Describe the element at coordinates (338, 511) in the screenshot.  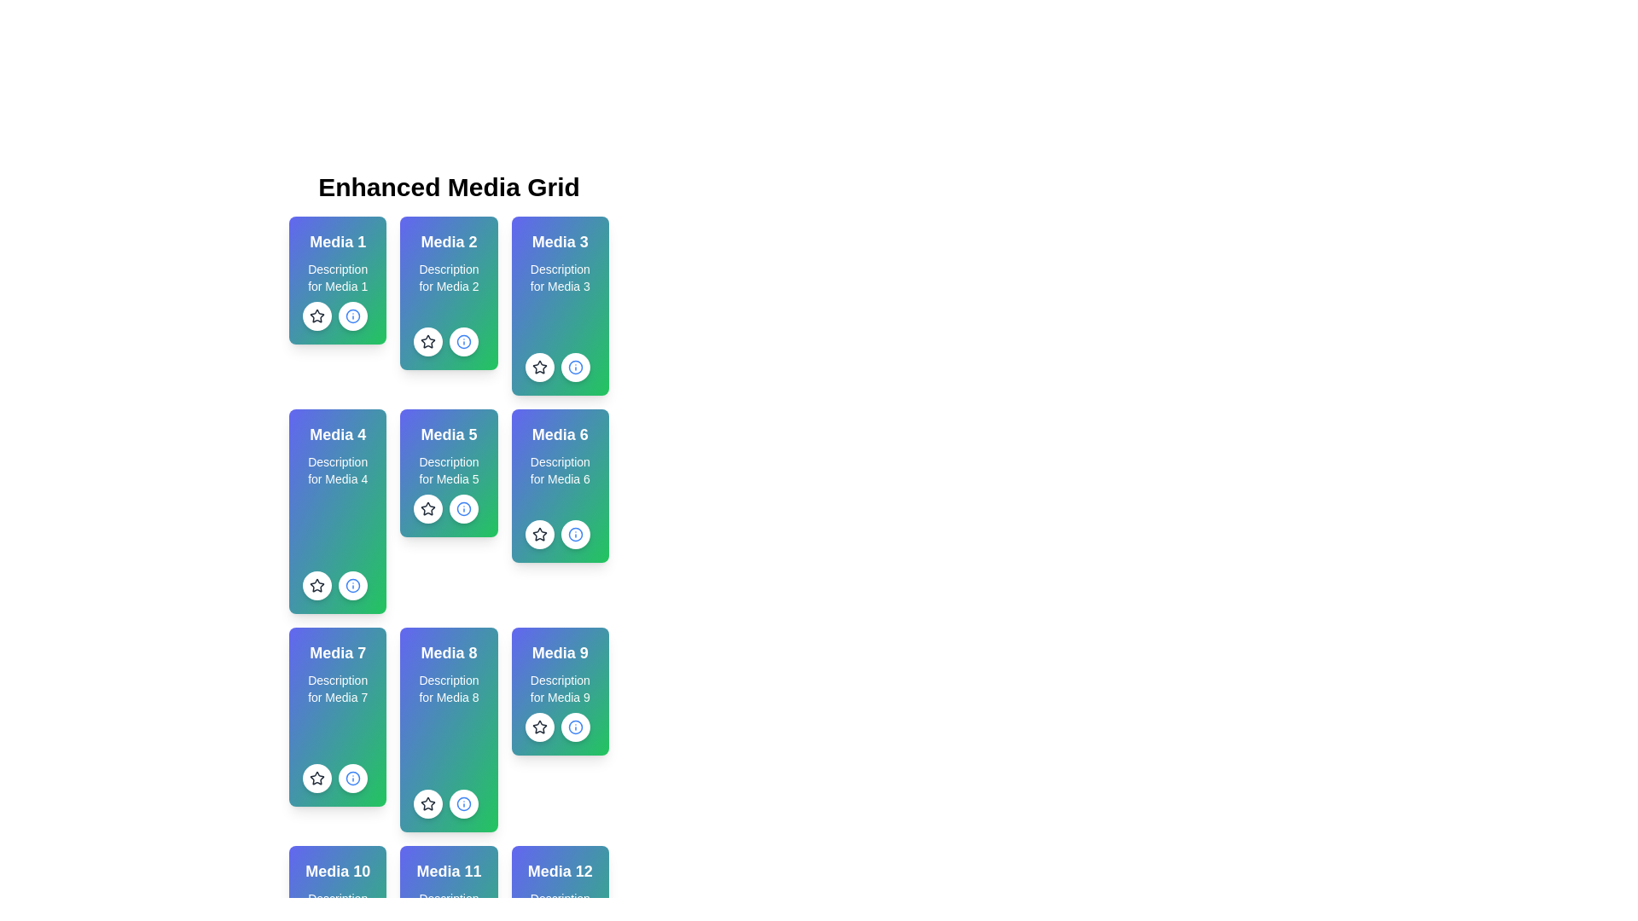
I see `one of the interactive icons in the media card located in the first column and second row of the grid layout, directly below 'Media 1'` at that location.